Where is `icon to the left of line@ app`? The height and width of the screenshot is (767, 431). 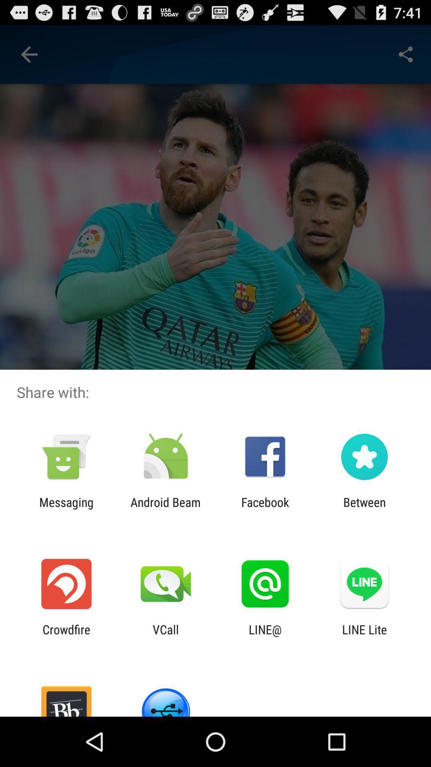
icon to the left of line@ app is located at coordinates (165, 636).